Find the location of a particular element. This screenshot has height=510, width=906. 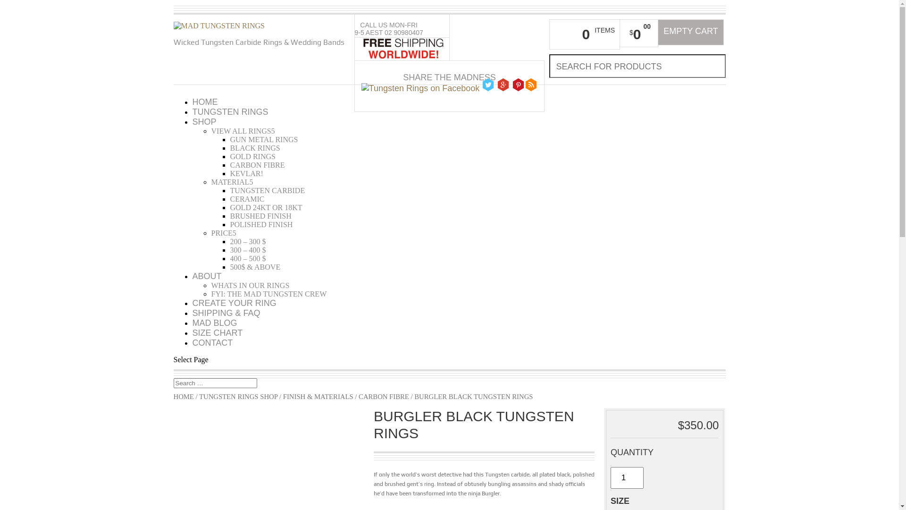

'CERAMIC' is located at coordinates (230, 198).